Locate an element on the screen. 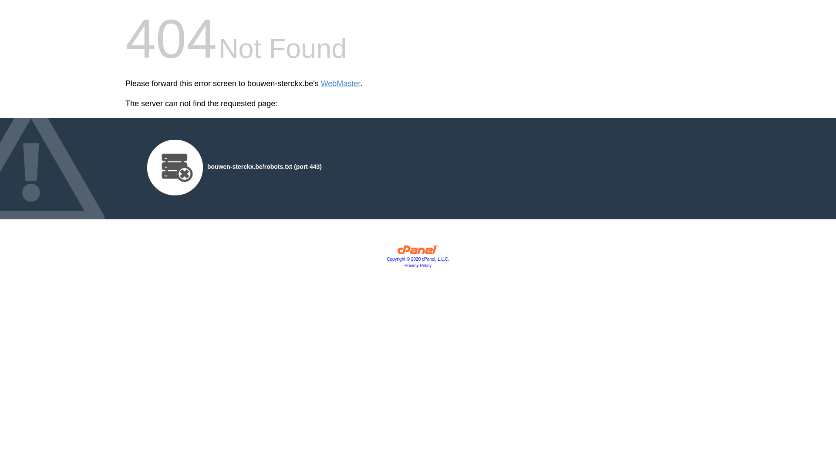 The image size is (836, 470). 'Privacy Policy' is located at coordinates (418, 265).